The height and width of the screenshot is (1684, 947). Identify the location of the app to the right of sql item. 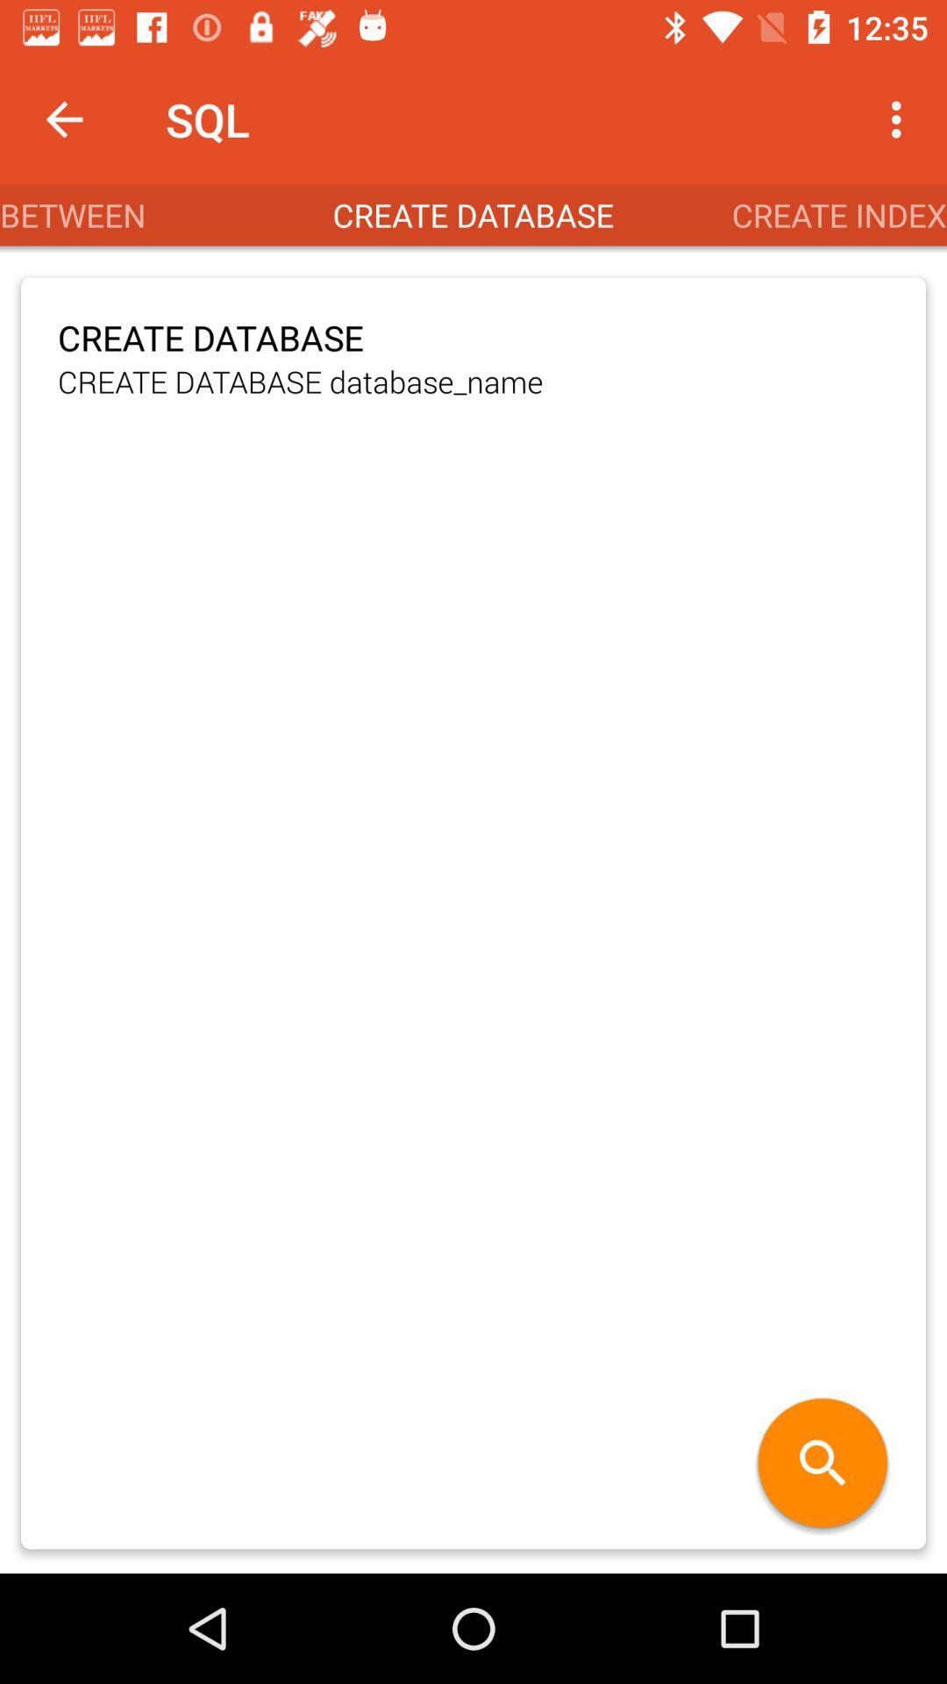
(901, 118).